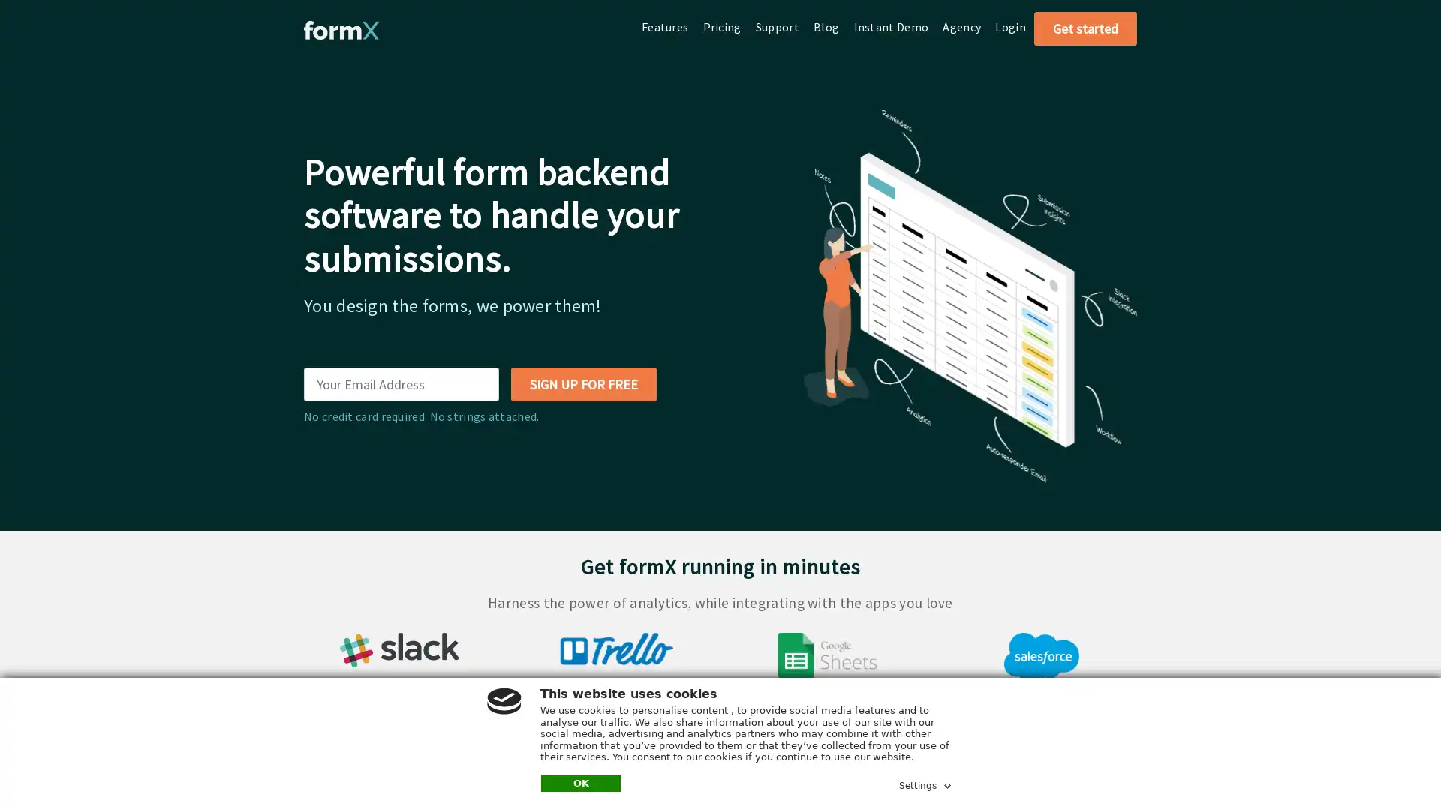 The width and height of the screenshot is (1441, 810). Describe the element at coordinates (1085, 28) in the screenshot. I see `Get started` at that location.